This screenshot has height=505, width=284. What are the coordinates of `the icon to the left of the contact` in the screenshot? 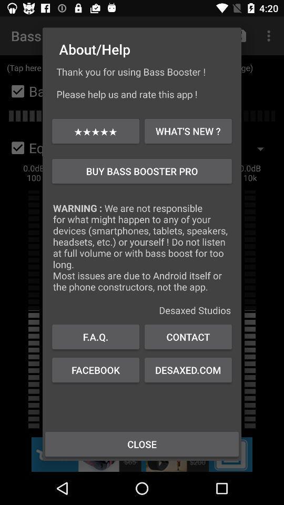 It's located at (96, 370).